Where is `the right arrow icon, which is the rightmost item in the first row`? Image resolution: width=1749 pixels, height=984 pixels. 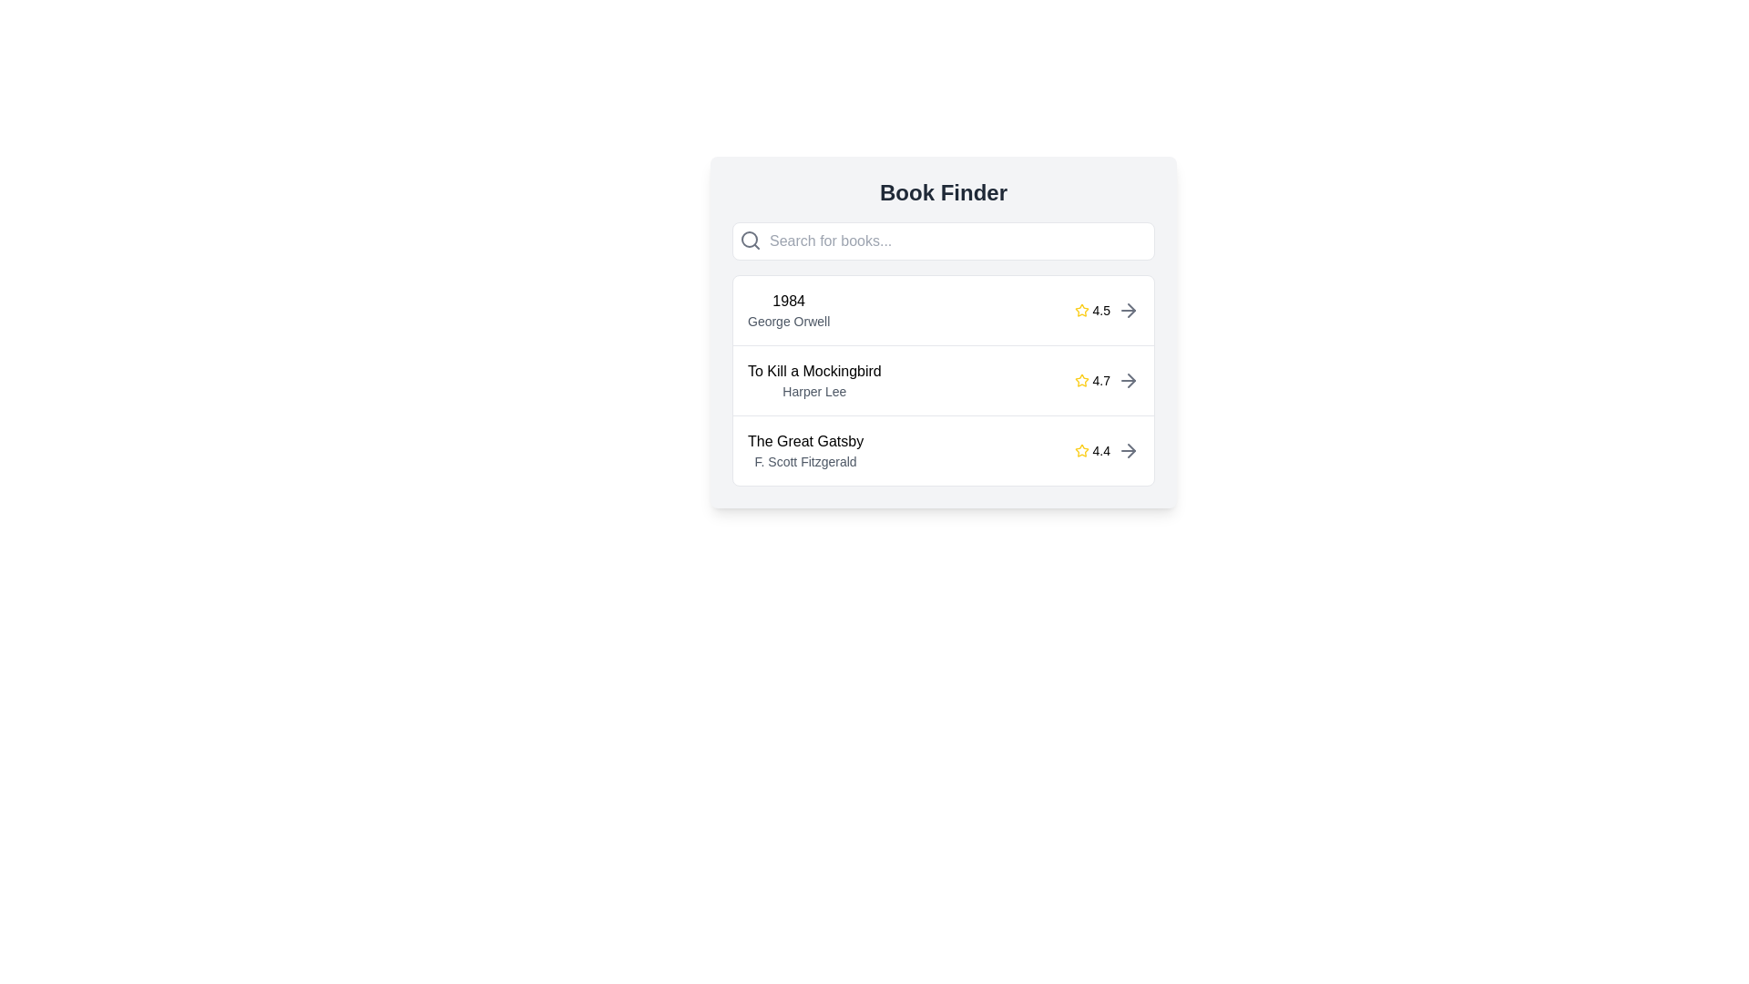
the right arrow icon, which is the rightmost item in the first row is located at coordinates (1127, 309).